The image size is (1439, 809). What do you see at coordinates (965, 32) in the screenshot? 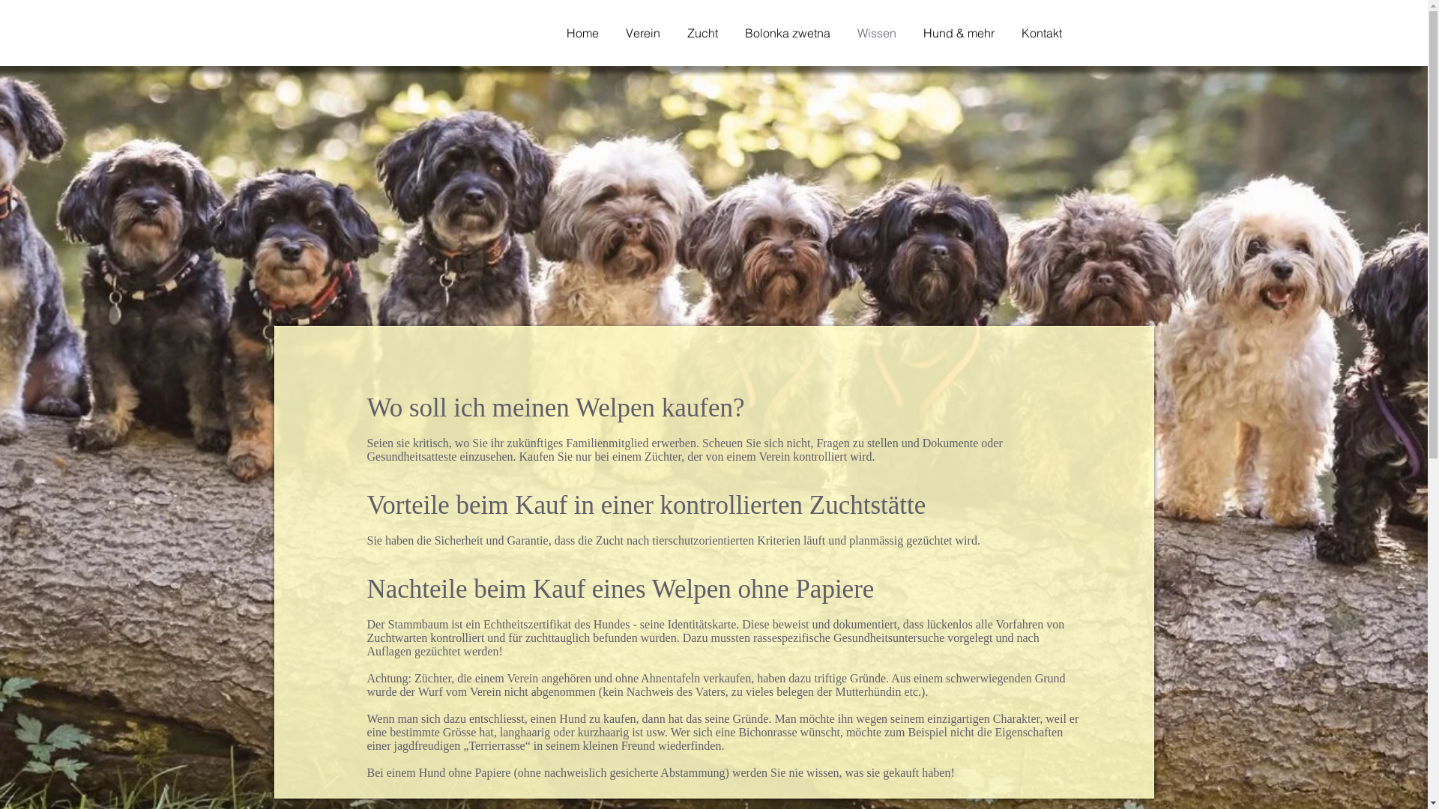
I see `'Hund & mehr'` at bounding box center [965, 32].